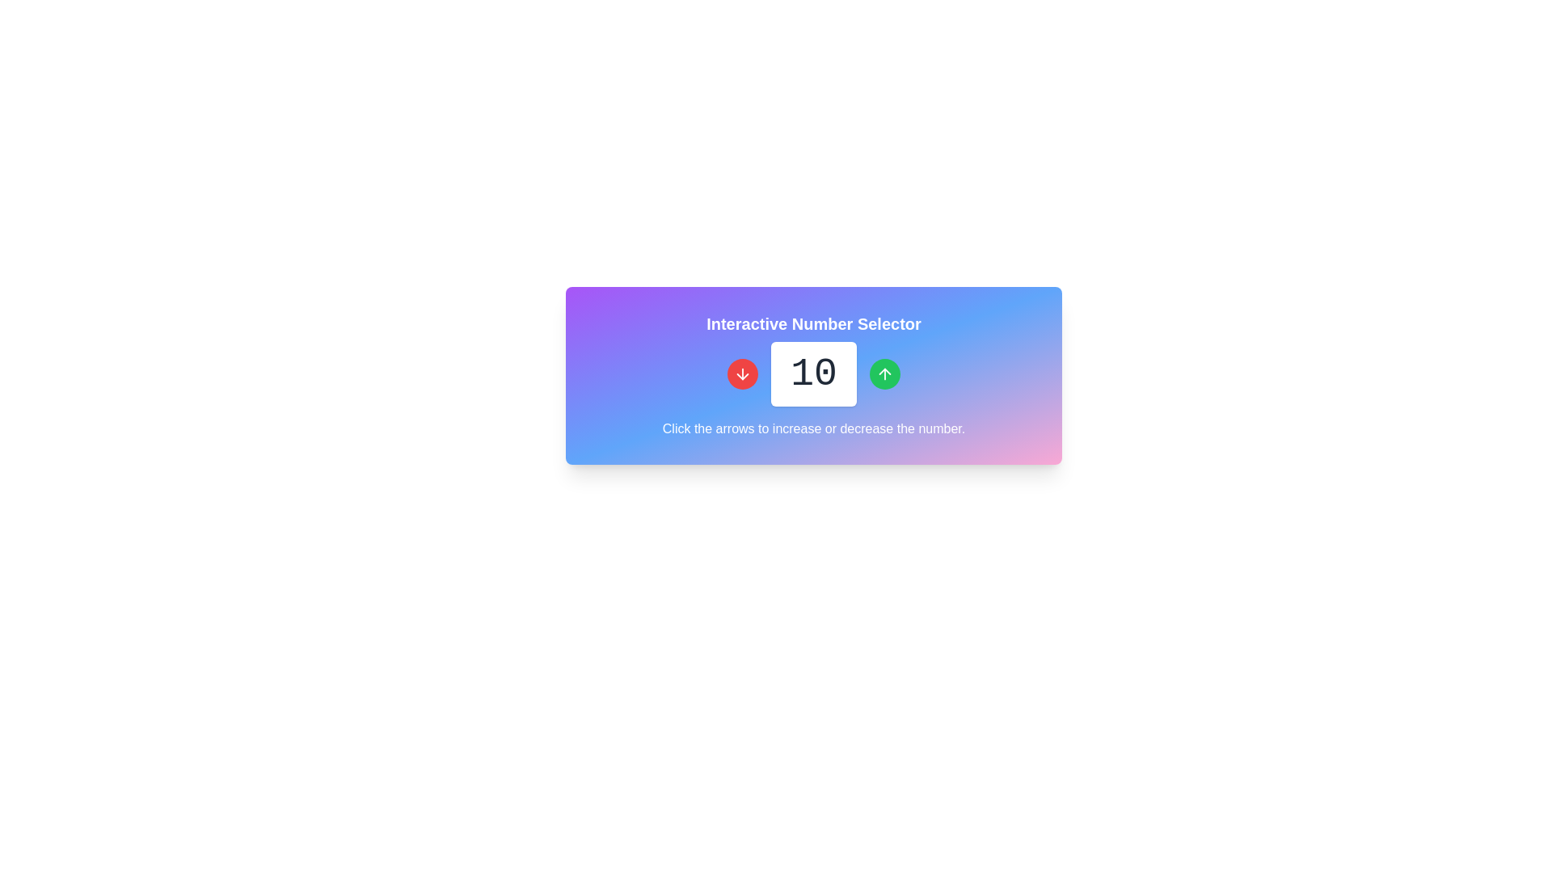  Describe the element at coordinates (742, 373) in the screenshot. I see `the red circular button with a downward arrow icon on the left side of the horizontal layout` at that location.